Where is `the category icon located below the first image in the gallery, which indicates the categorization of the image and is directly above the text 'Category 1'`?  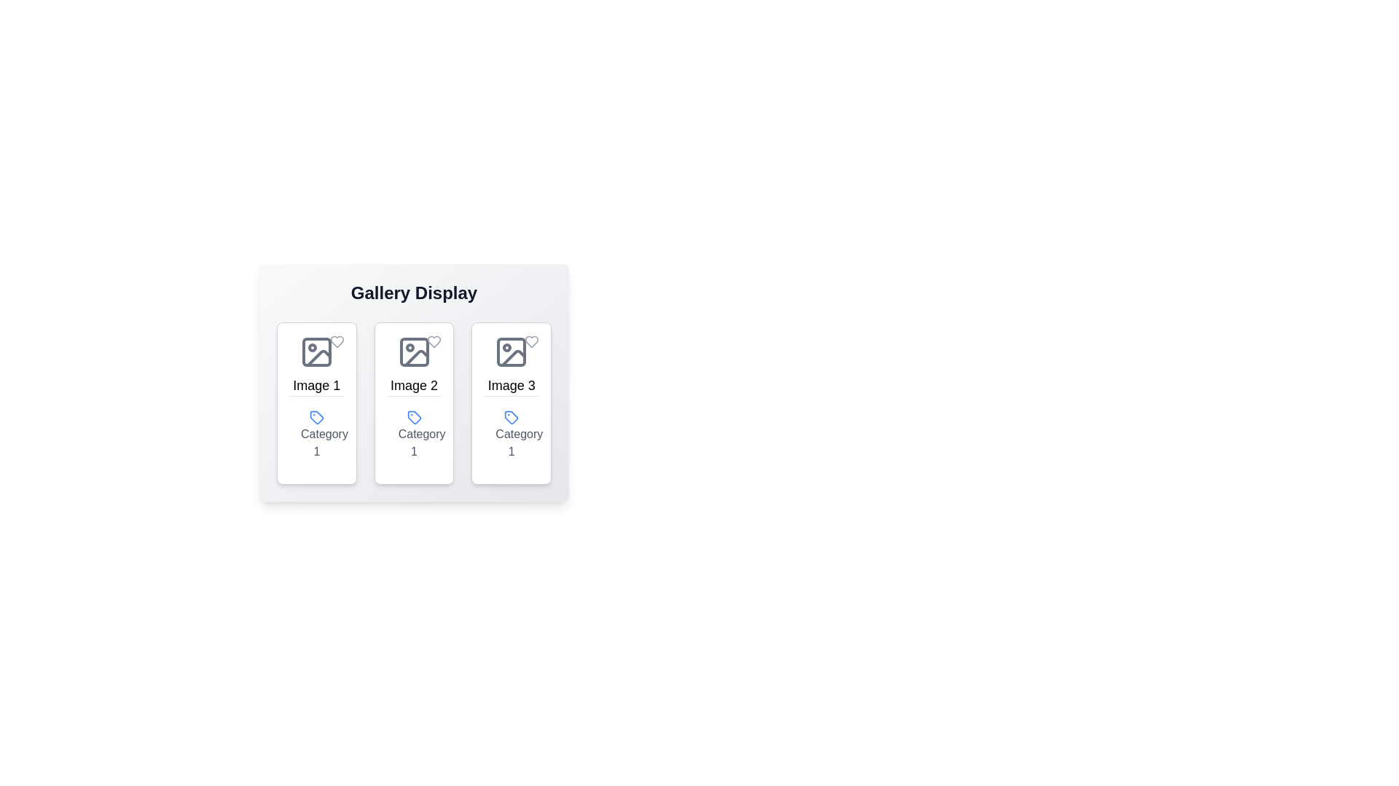
the category icon located below the first image in the gallery, which indicates the categorization of the image and is directly above the text 'Category 1' is located at coordinates (316, 417).